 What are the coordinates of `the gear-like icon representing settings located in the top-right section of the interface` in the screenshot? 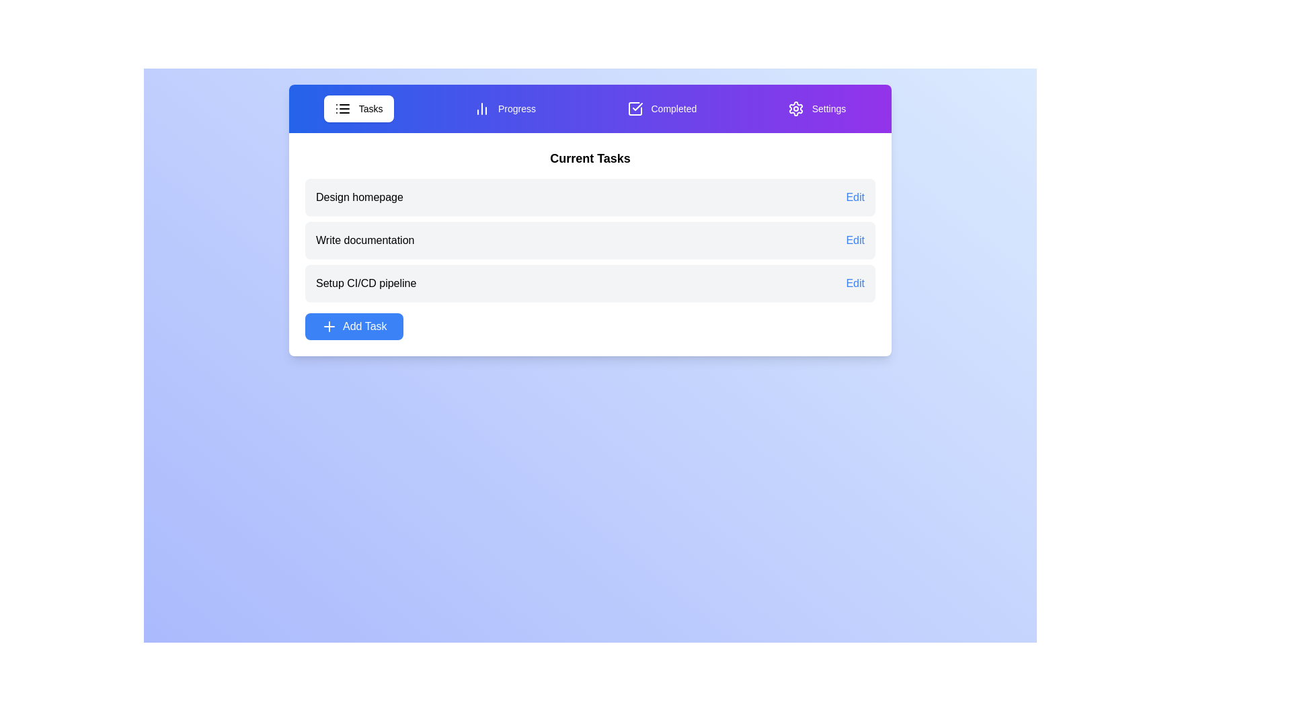 It's located at (795, 108).